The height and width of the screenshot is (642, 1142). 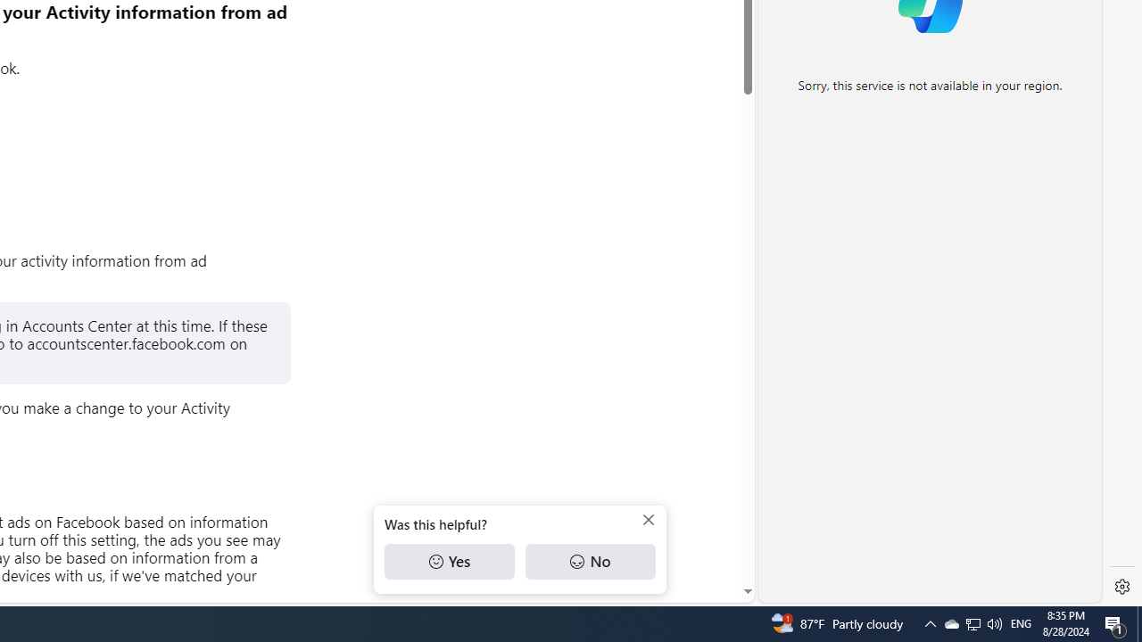 I want to click on 'Dismiss', so click(x=648, y=520).